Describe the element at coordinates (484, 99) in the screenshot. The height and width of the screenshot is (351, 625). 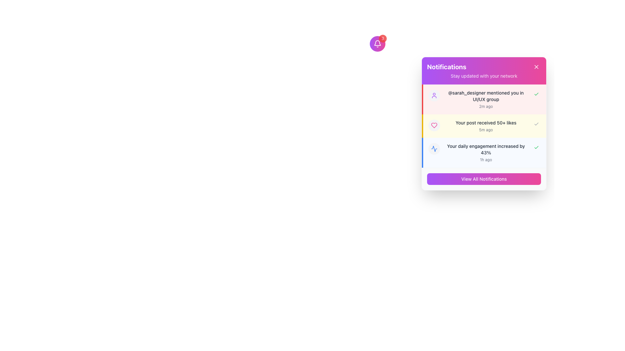
I see `the first notification item` at that location.